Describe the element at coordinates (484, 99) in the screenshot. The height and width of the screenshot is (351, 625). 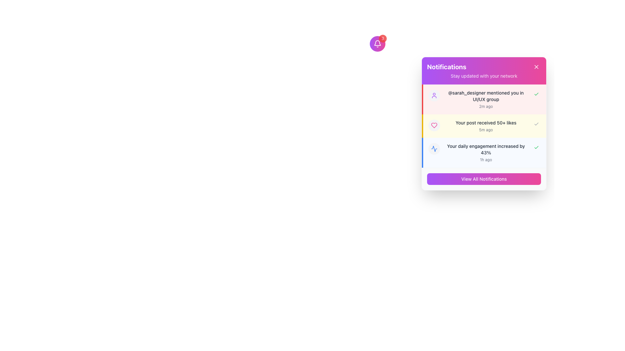
I see `the first notification item` at that location.